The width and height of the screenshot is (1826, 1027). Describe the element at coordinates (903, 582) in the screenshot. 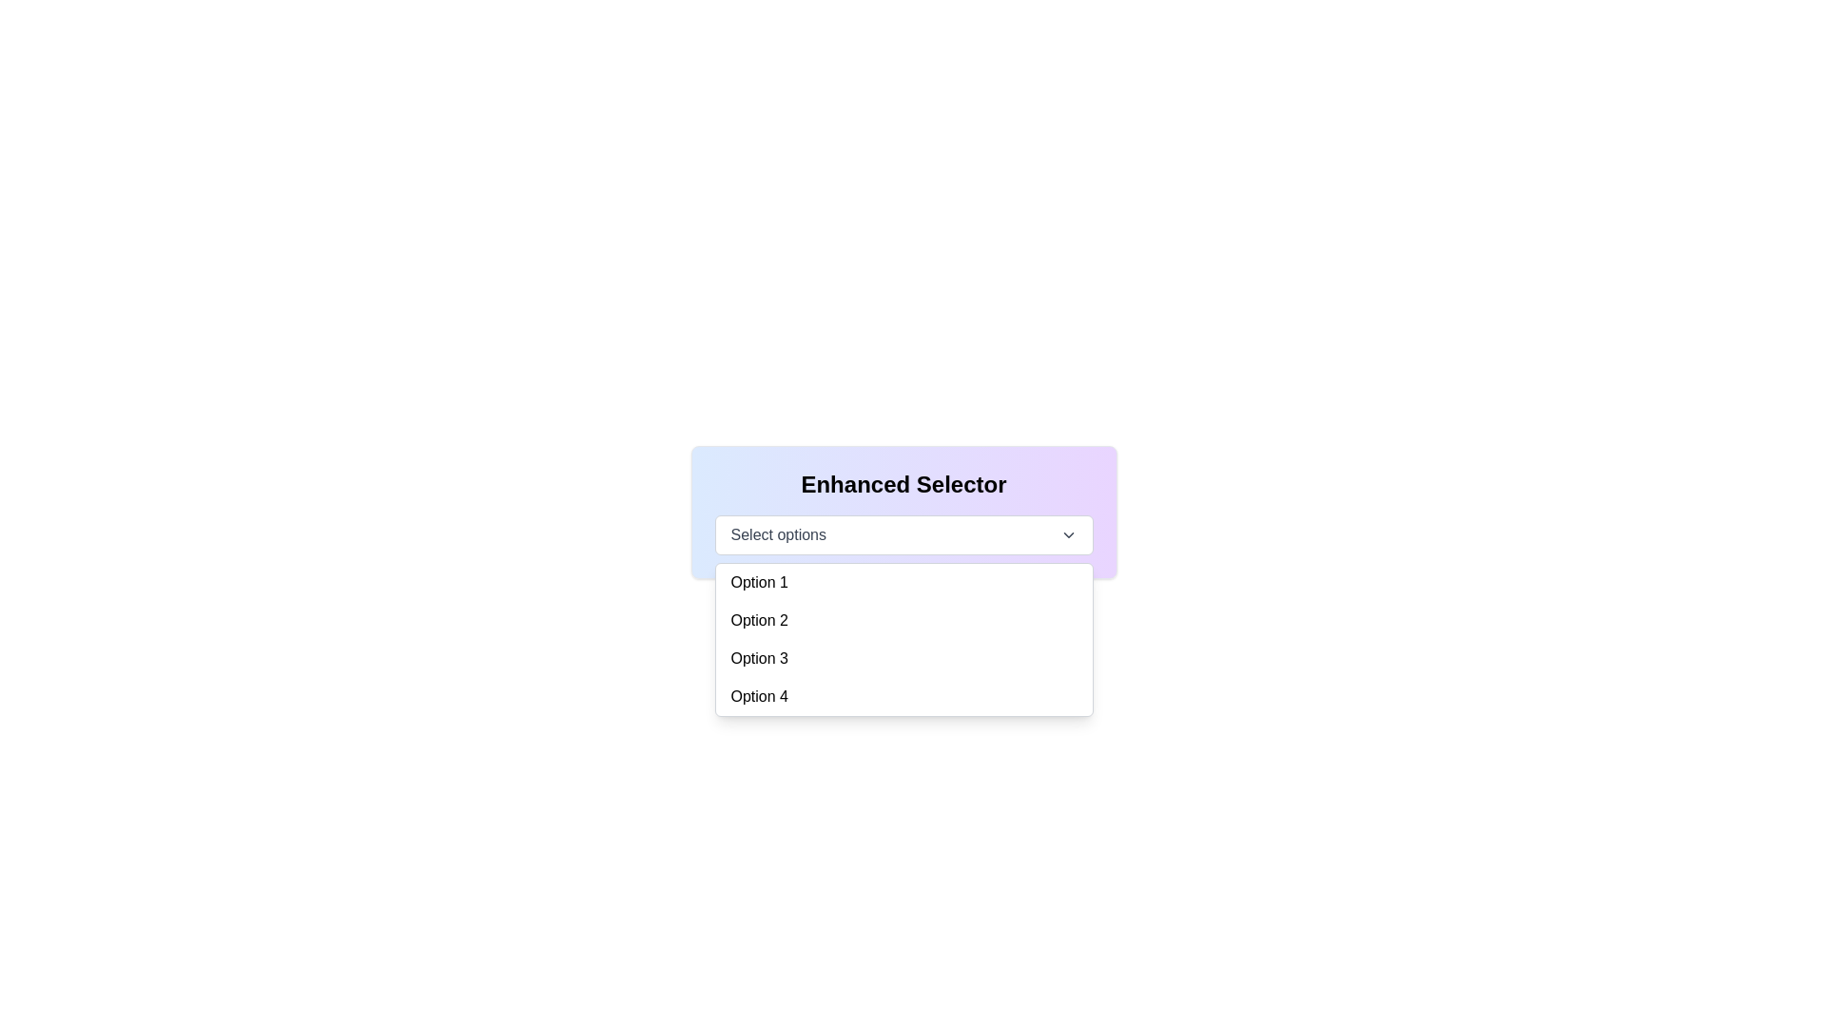

I see `the first selectable option in the 'Enhanced Selector' dropdown menu` at that location.